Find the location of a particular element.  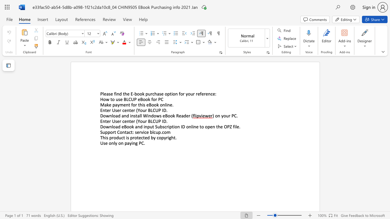

the subset text "This produ" within the text "This product is protected by copyright." is located at coordinates (100, 137).